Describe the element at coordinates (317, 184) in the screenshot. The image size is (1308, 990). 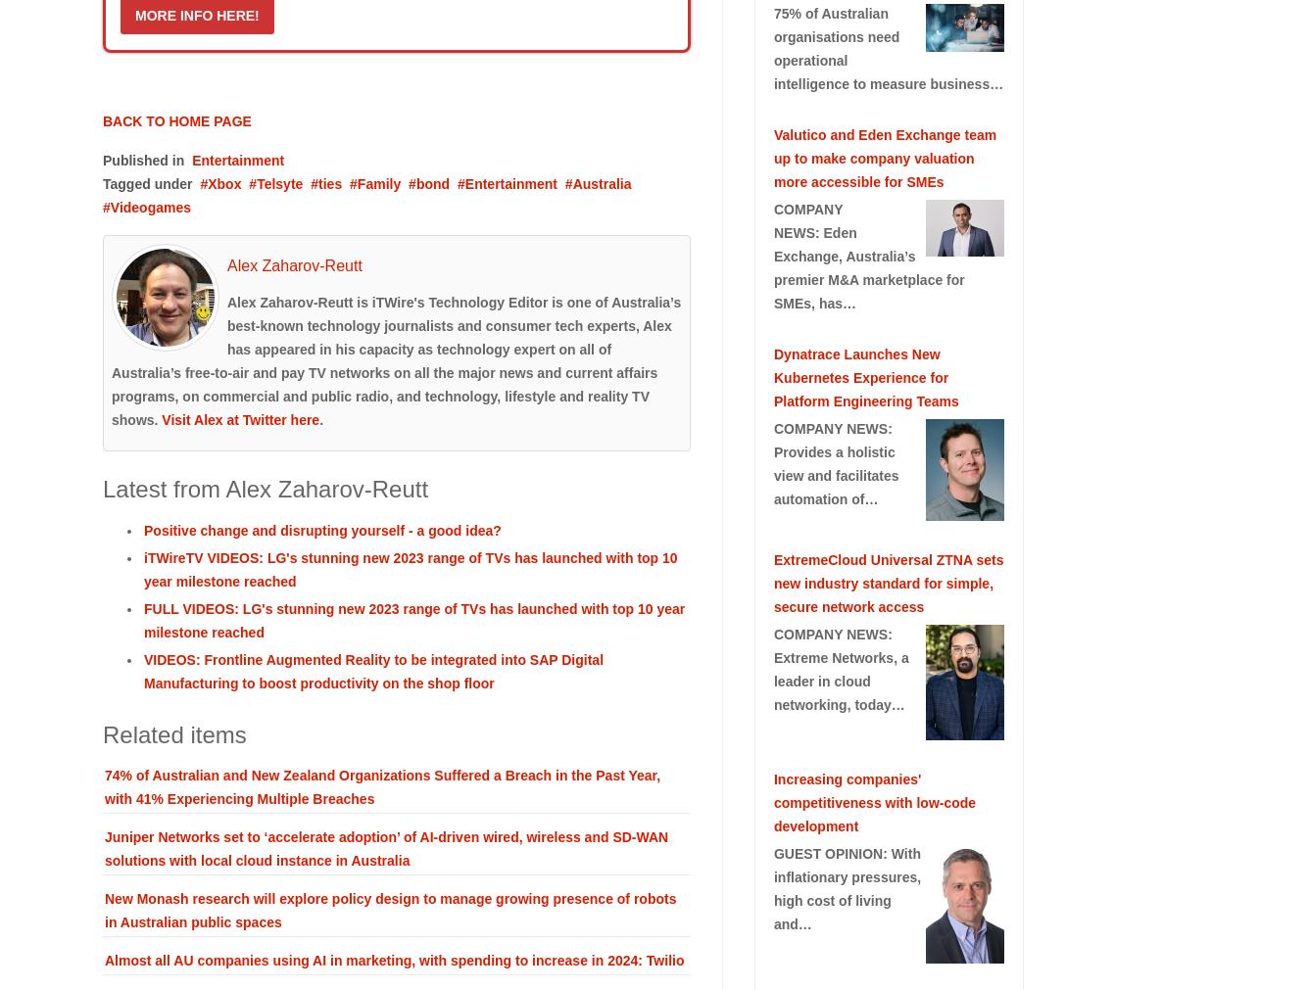
I see `'ties'` at that location.